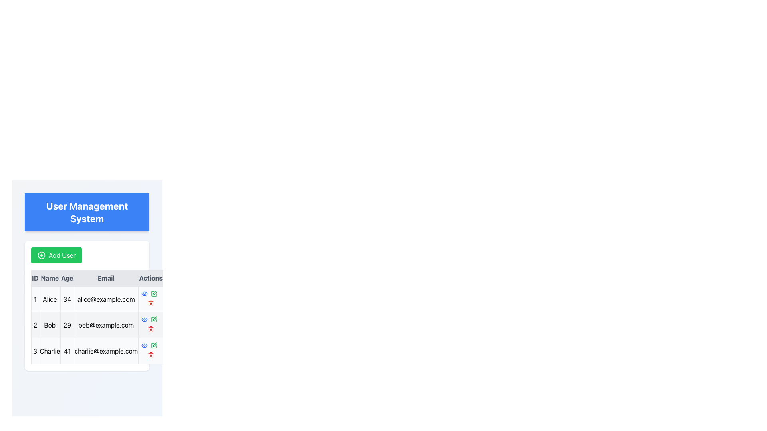 The height and width of the screenshot is (431, 767). Describe the element at coordinates (154, 319) in the screenshot. I see `the 'Edit' button for user 'Bob'` at that location.